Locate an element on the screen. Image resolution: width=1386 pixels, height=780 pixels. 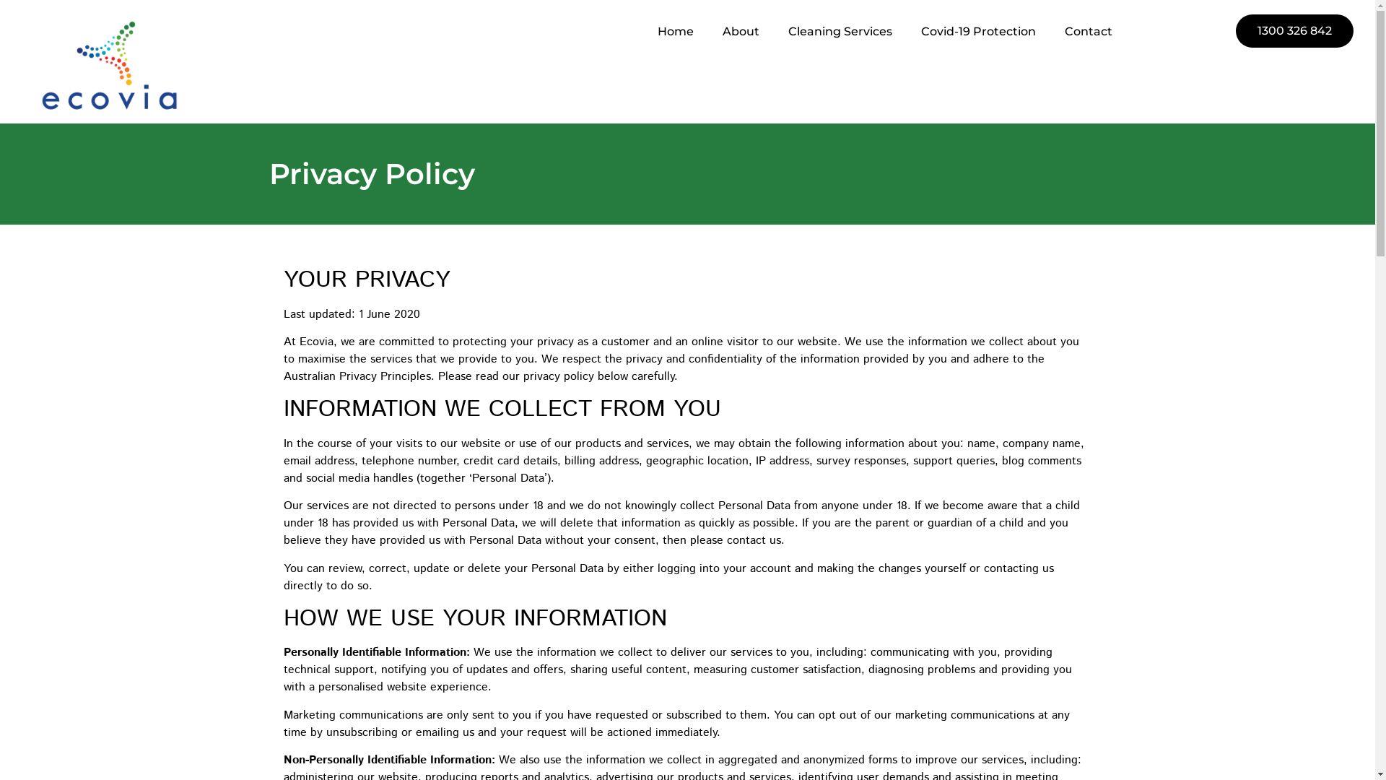
'1300 326 842' is located at coordinates (1294, 30).